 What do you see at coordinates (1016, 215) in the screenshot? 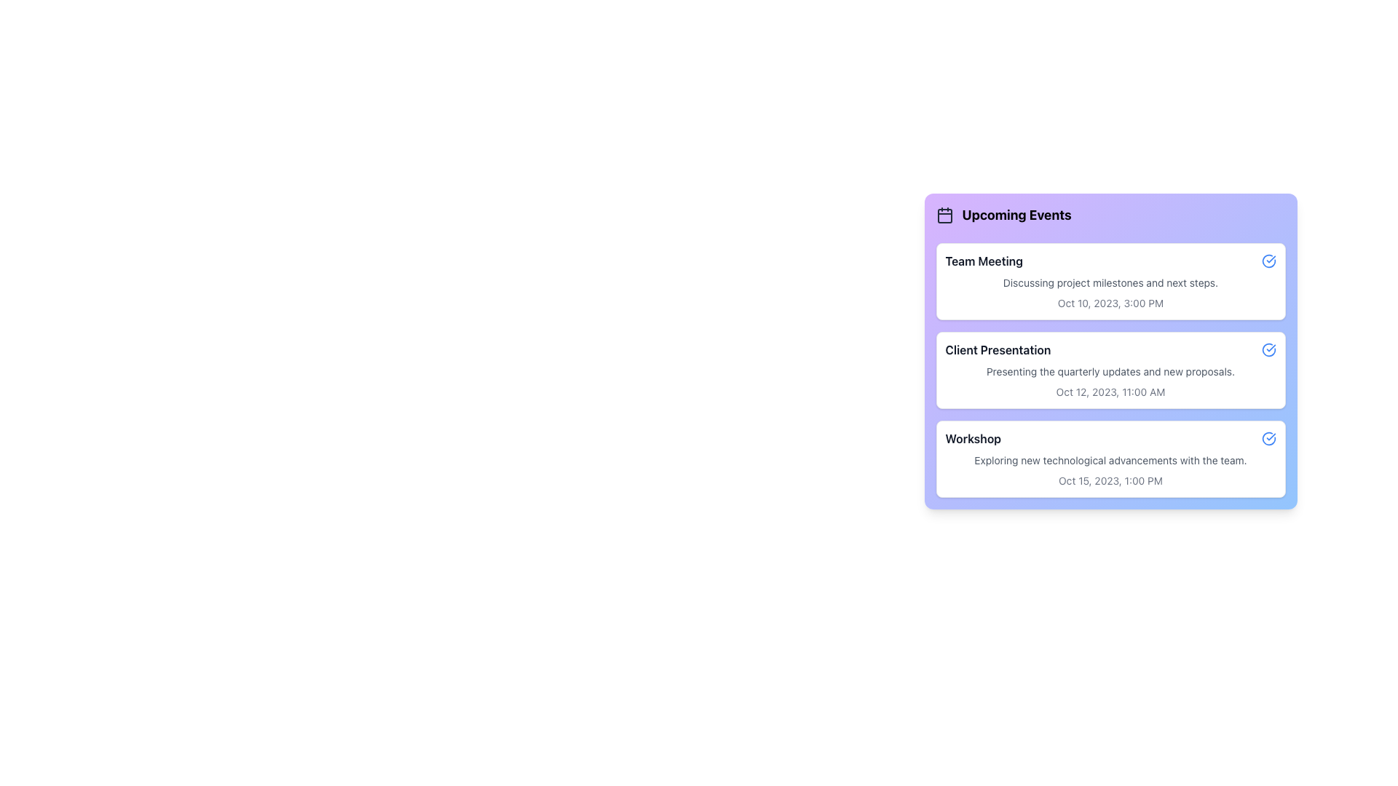
I see `the heading text that indicates the section name 'Upcoming Events', which is positioned near a calendar icon` at bounding box center [1016, 215].